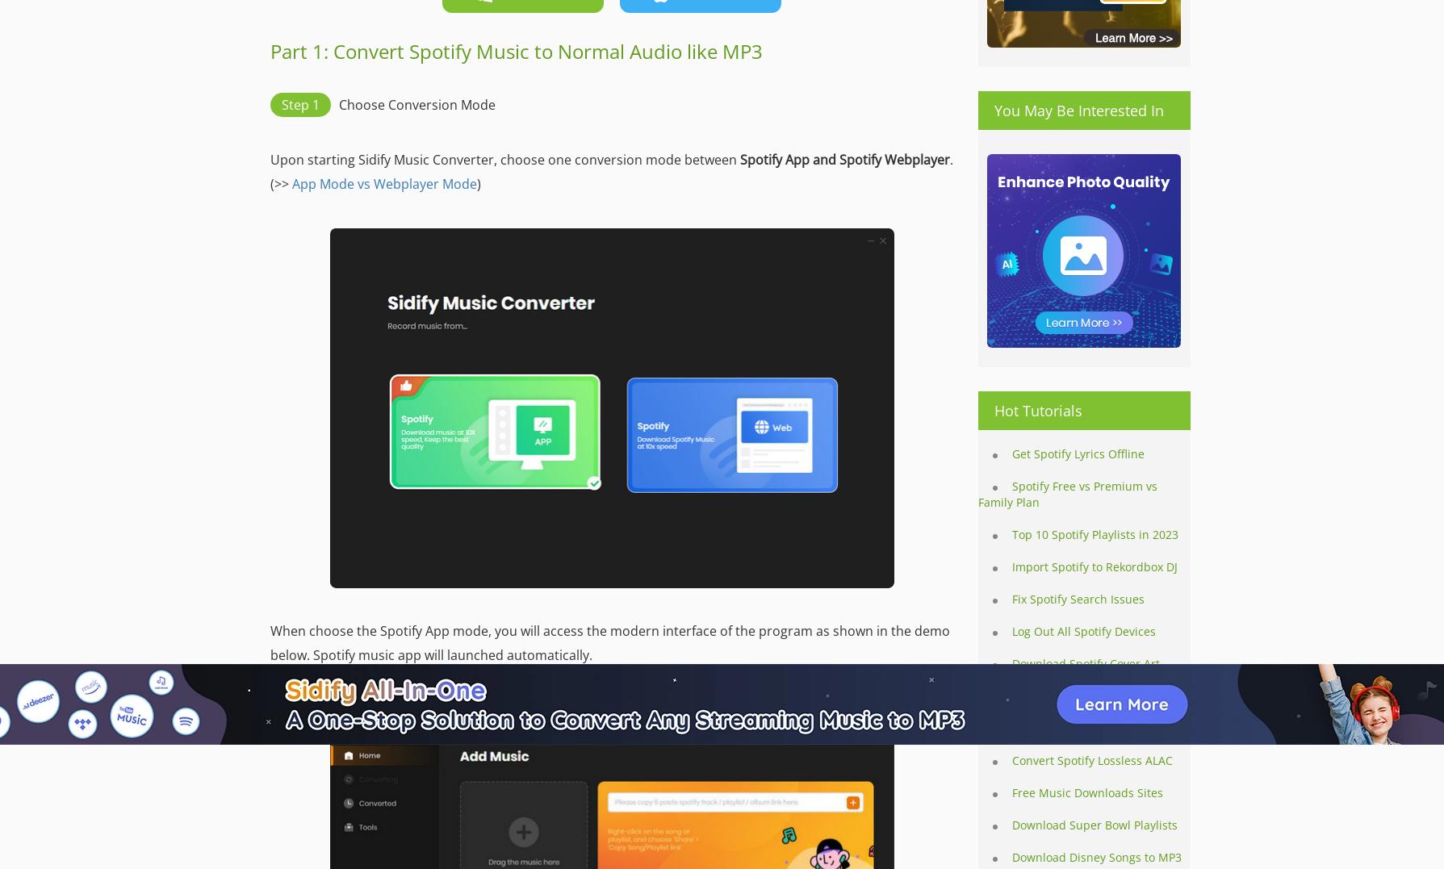  I want to click on 'Convert Spotify Lossless ALAC', so click(1092, 759).